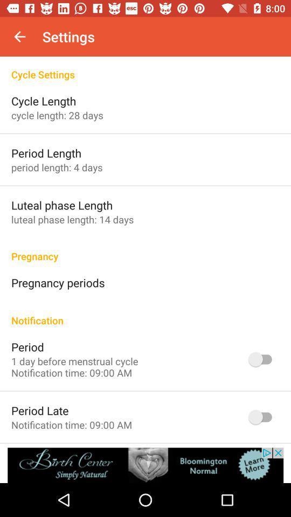  Describe the element at coordinates (145, 465) in the screenshot. I see `banner advertisement` at that location.